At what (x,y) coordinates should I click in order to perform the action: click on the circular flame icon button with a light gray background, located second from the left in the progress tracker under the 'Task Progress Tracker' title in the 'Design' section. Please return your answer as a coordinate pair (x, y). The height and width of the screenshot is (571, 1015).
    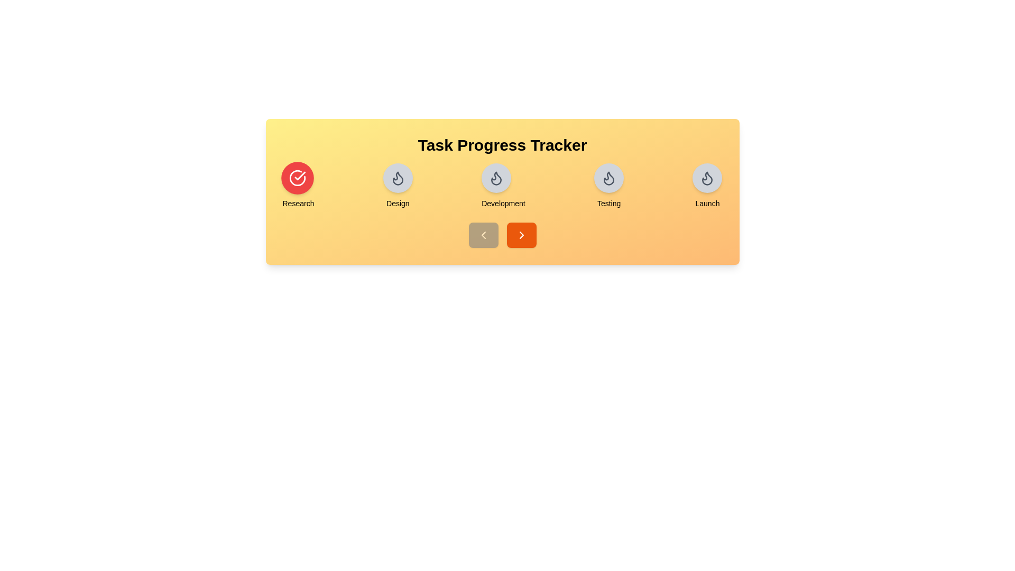
    Looking at the image, I should click on (397, 177).